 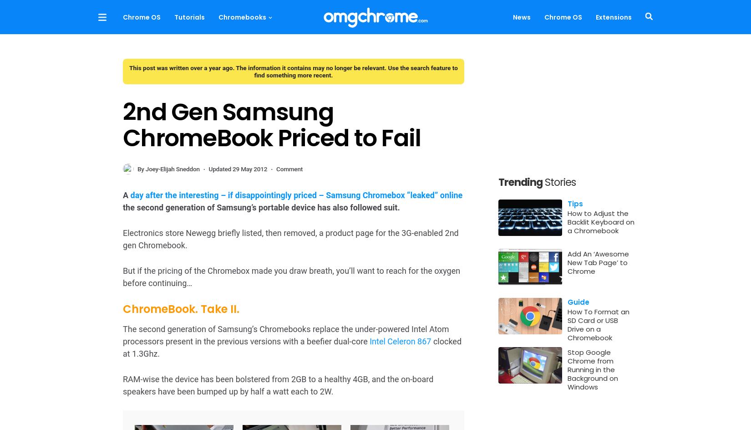 I want to click on 'Priced to Fail?', so click(x=122, y=322).